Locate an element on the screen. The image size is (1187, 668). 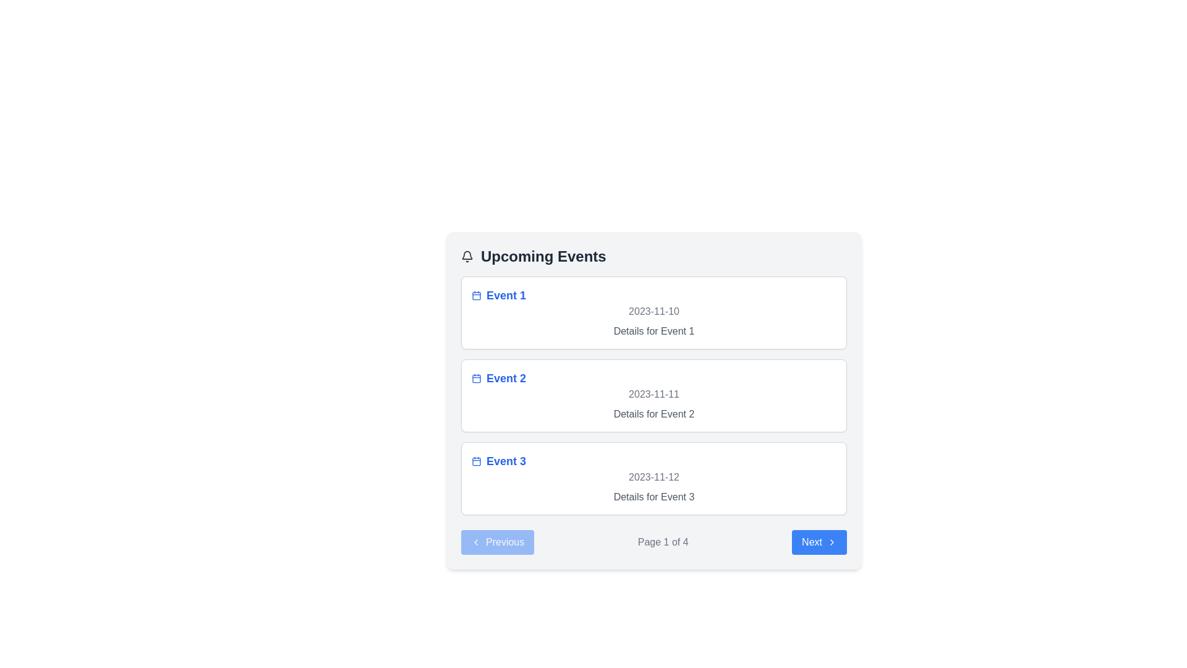
text displayed as 'Details for Event 3' which is styled in light gray and located at the bottom of the 'Event 3' card is located at coordinates (653, 496).